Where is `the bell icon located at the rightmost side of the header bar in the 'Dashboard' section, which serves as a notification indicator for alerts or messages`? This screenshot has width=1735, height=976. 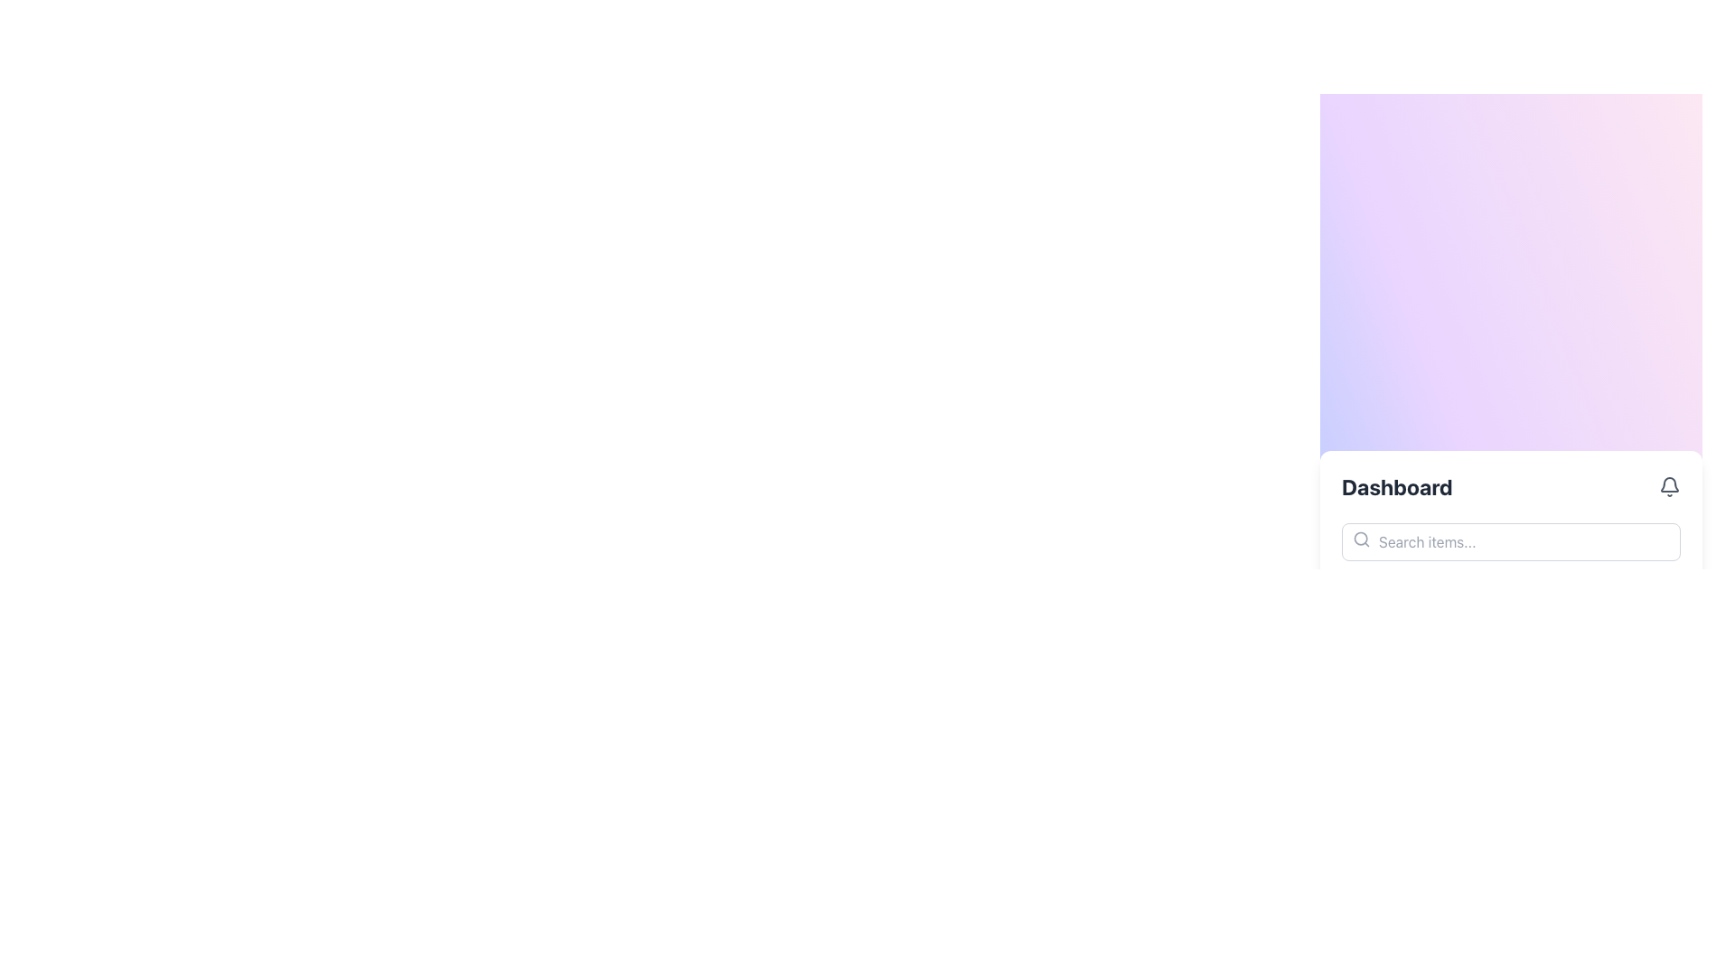
the bell icon located at the rightmost side of the header bar in the 'Dashboard' section, which serves as a notification indicator for alerts or messages is located at coordinates (1669, 484).